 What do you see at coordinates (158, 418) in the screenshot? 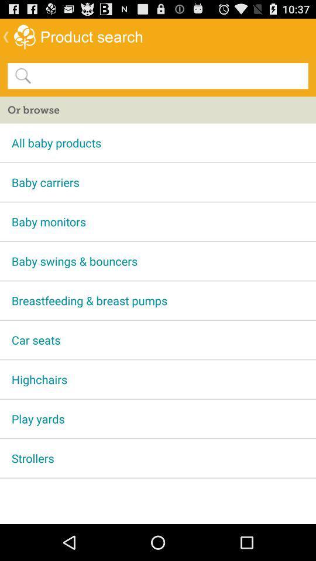
I see `the item below highchairs item` at bounding box center [158, 418].